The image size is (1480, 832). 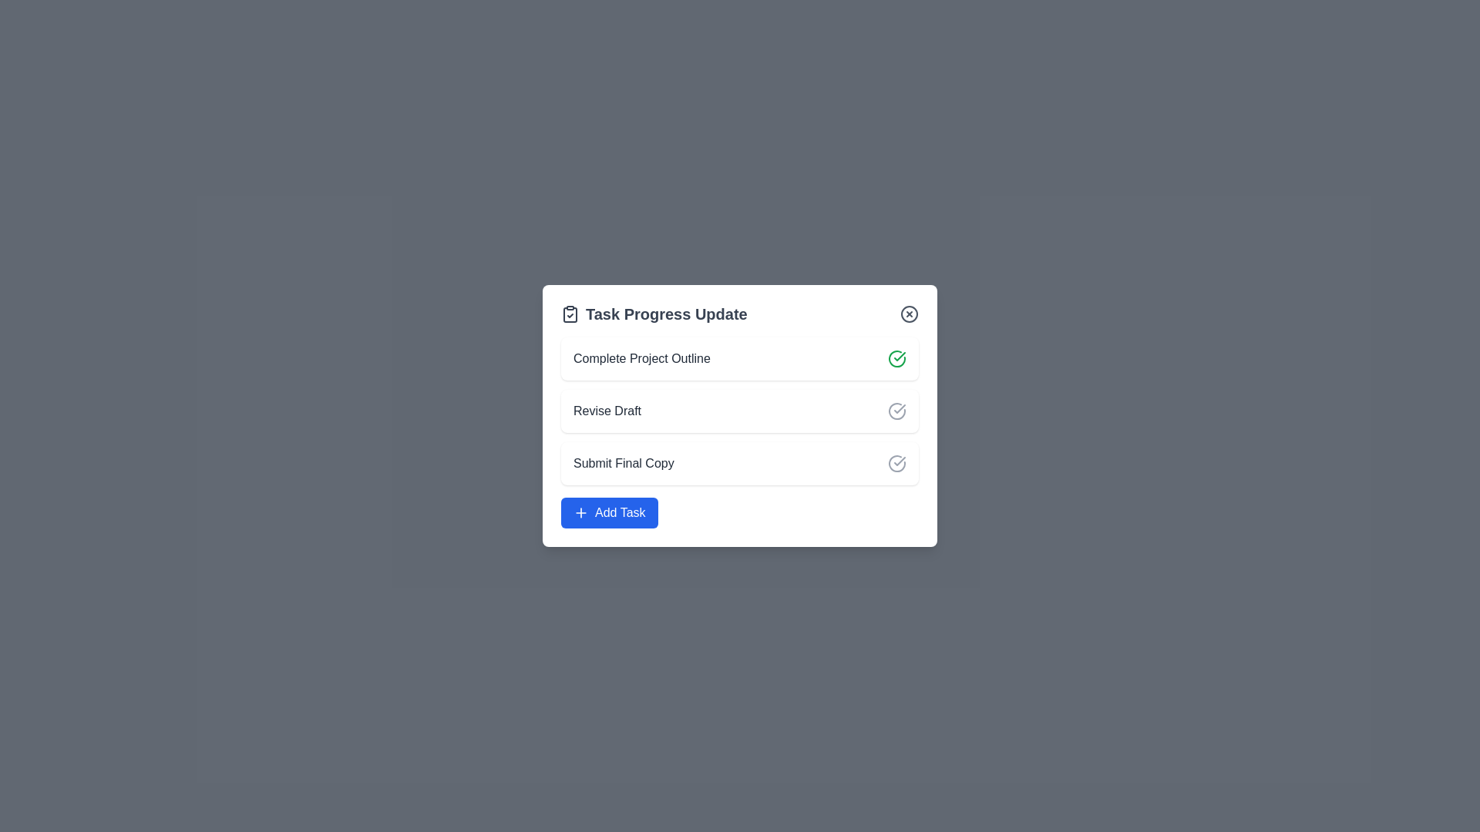 I want to click on the icon representing 'Task Progress Update' located at the far-left end of the header section of the card, so click(x=569, y=314).